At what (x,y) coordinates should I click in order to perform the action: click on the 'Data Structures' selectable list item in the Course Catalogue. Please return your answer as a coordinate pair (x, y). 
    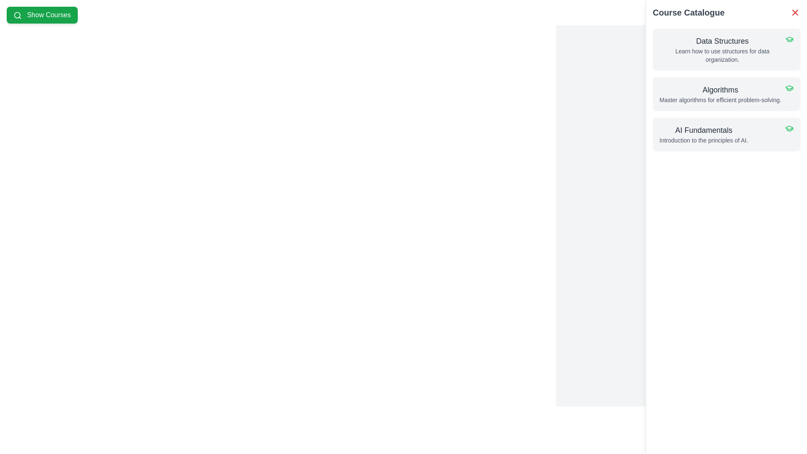
    Looking at the image, I should click on (726, 50).